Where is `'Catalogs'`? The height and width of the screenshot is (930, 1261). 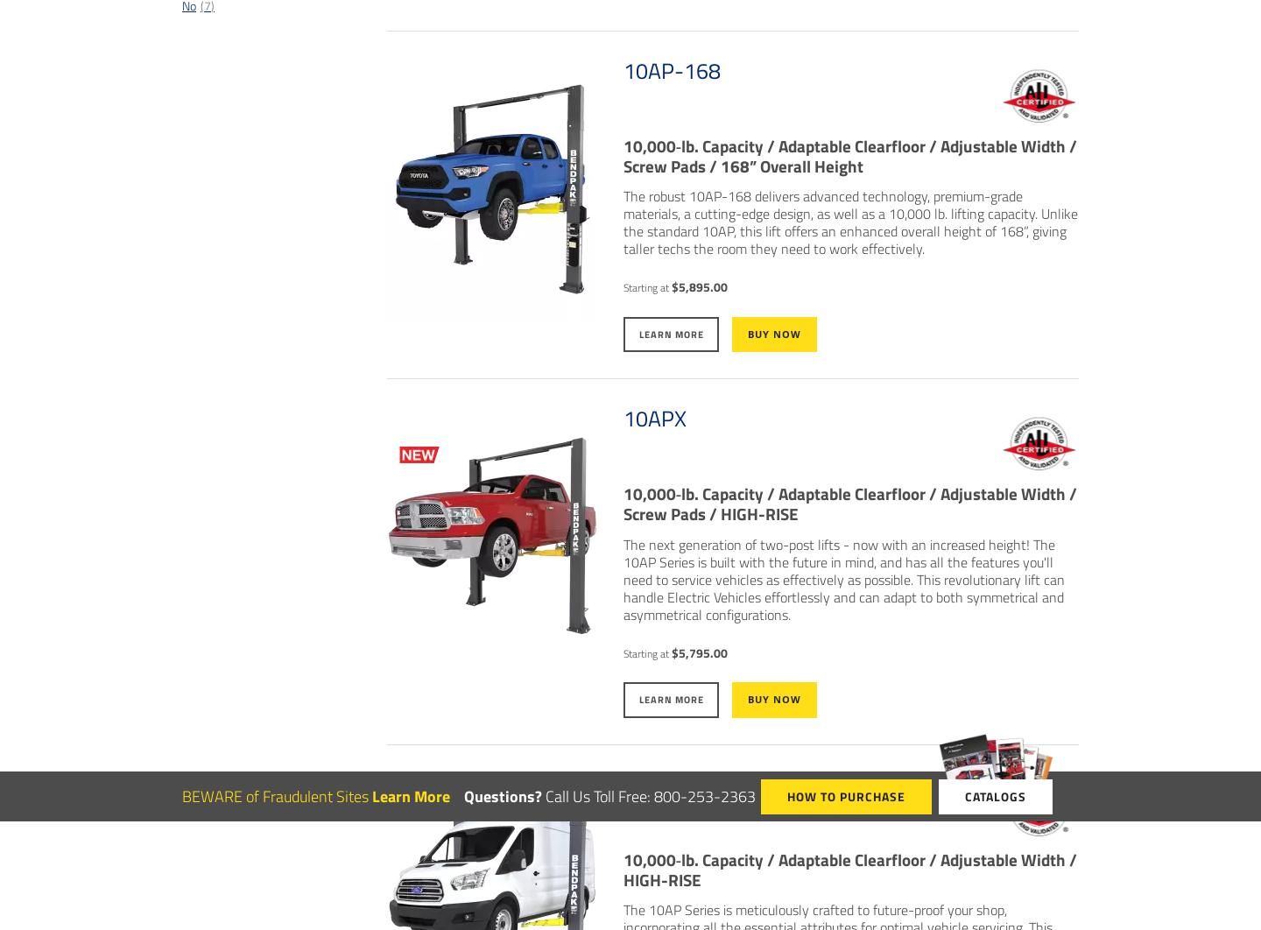 'Catalogs' is located at coordinates (964, 796).